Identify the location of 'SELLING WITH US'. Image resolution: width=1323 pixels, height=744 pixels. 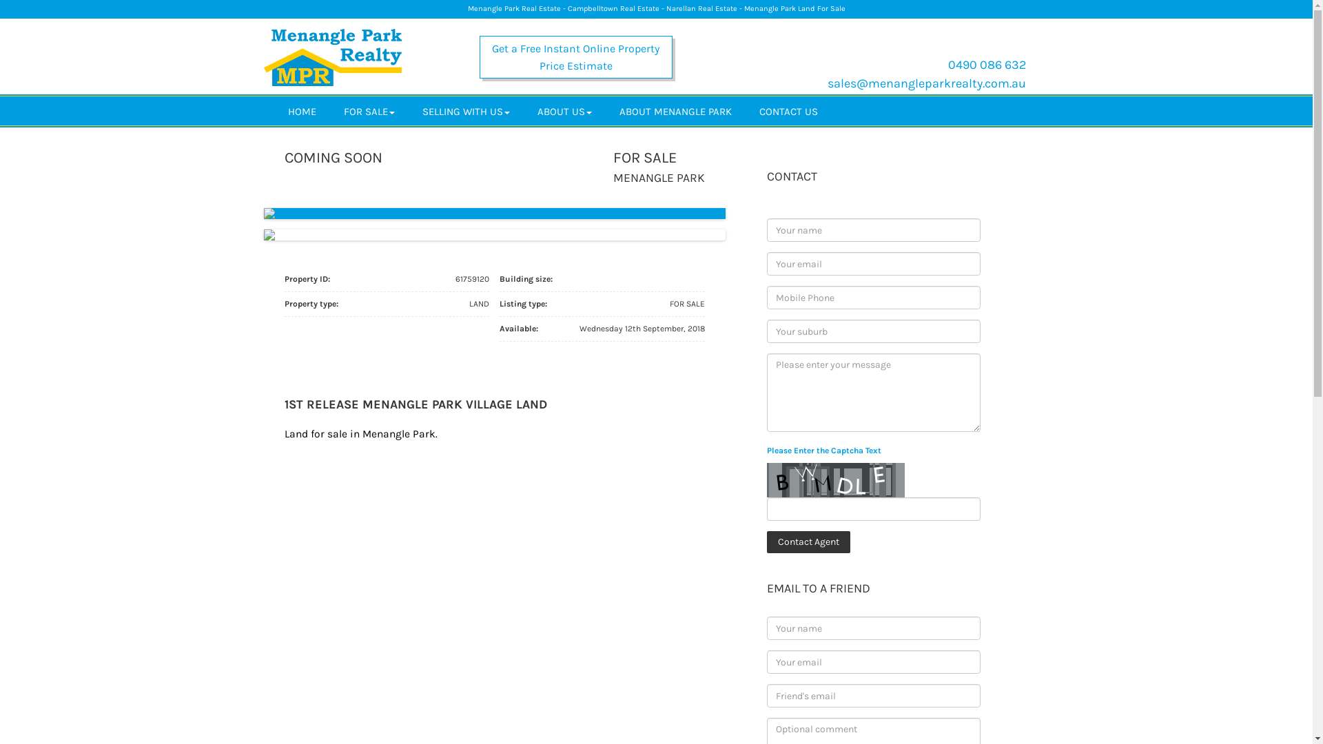
(465, 110).